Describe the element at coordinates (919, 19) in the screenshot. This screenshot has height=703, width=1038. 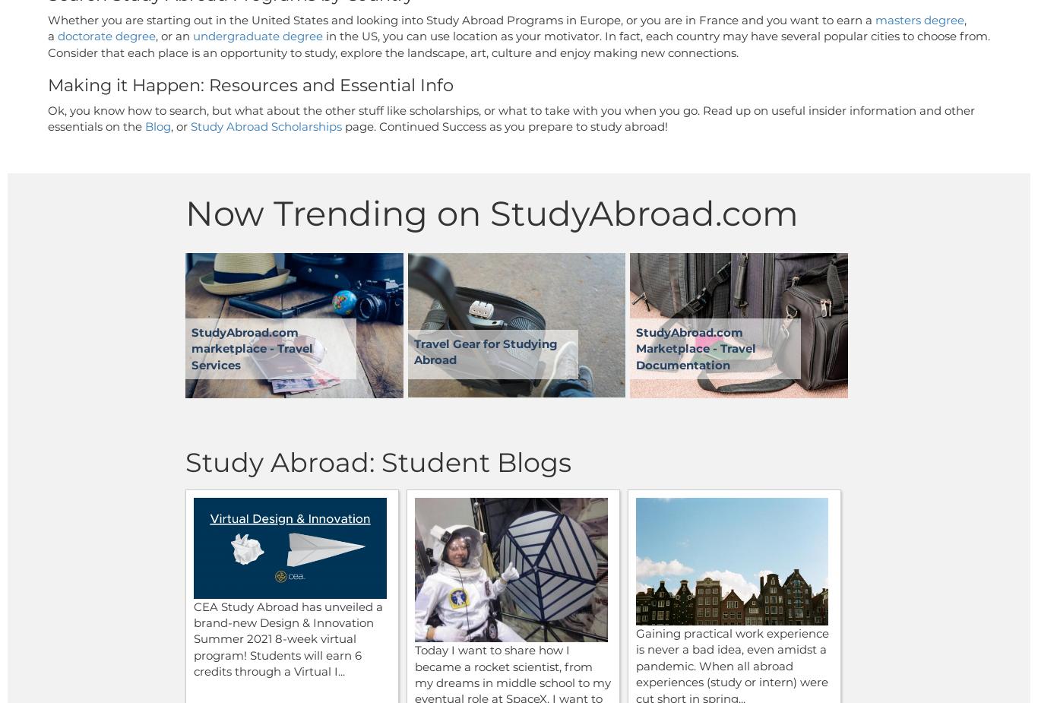
I see `'masters degree'` at that location.